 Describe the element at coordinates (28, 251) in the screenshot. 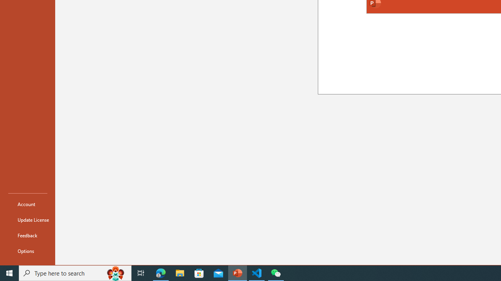

I see `'Options'` at that location.